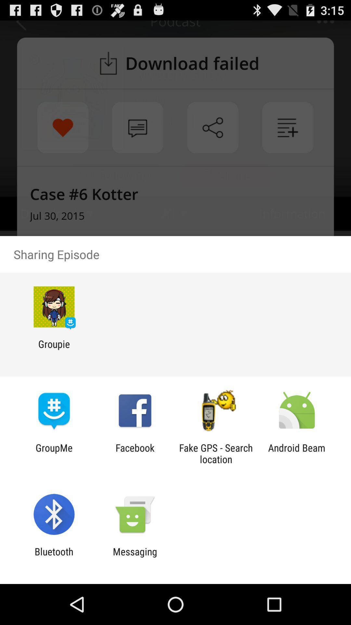  What do you see at coordinates (135, 557) in the screenshot?
I see `icon to the right of bluetooth` at bounding box center [135, 557].